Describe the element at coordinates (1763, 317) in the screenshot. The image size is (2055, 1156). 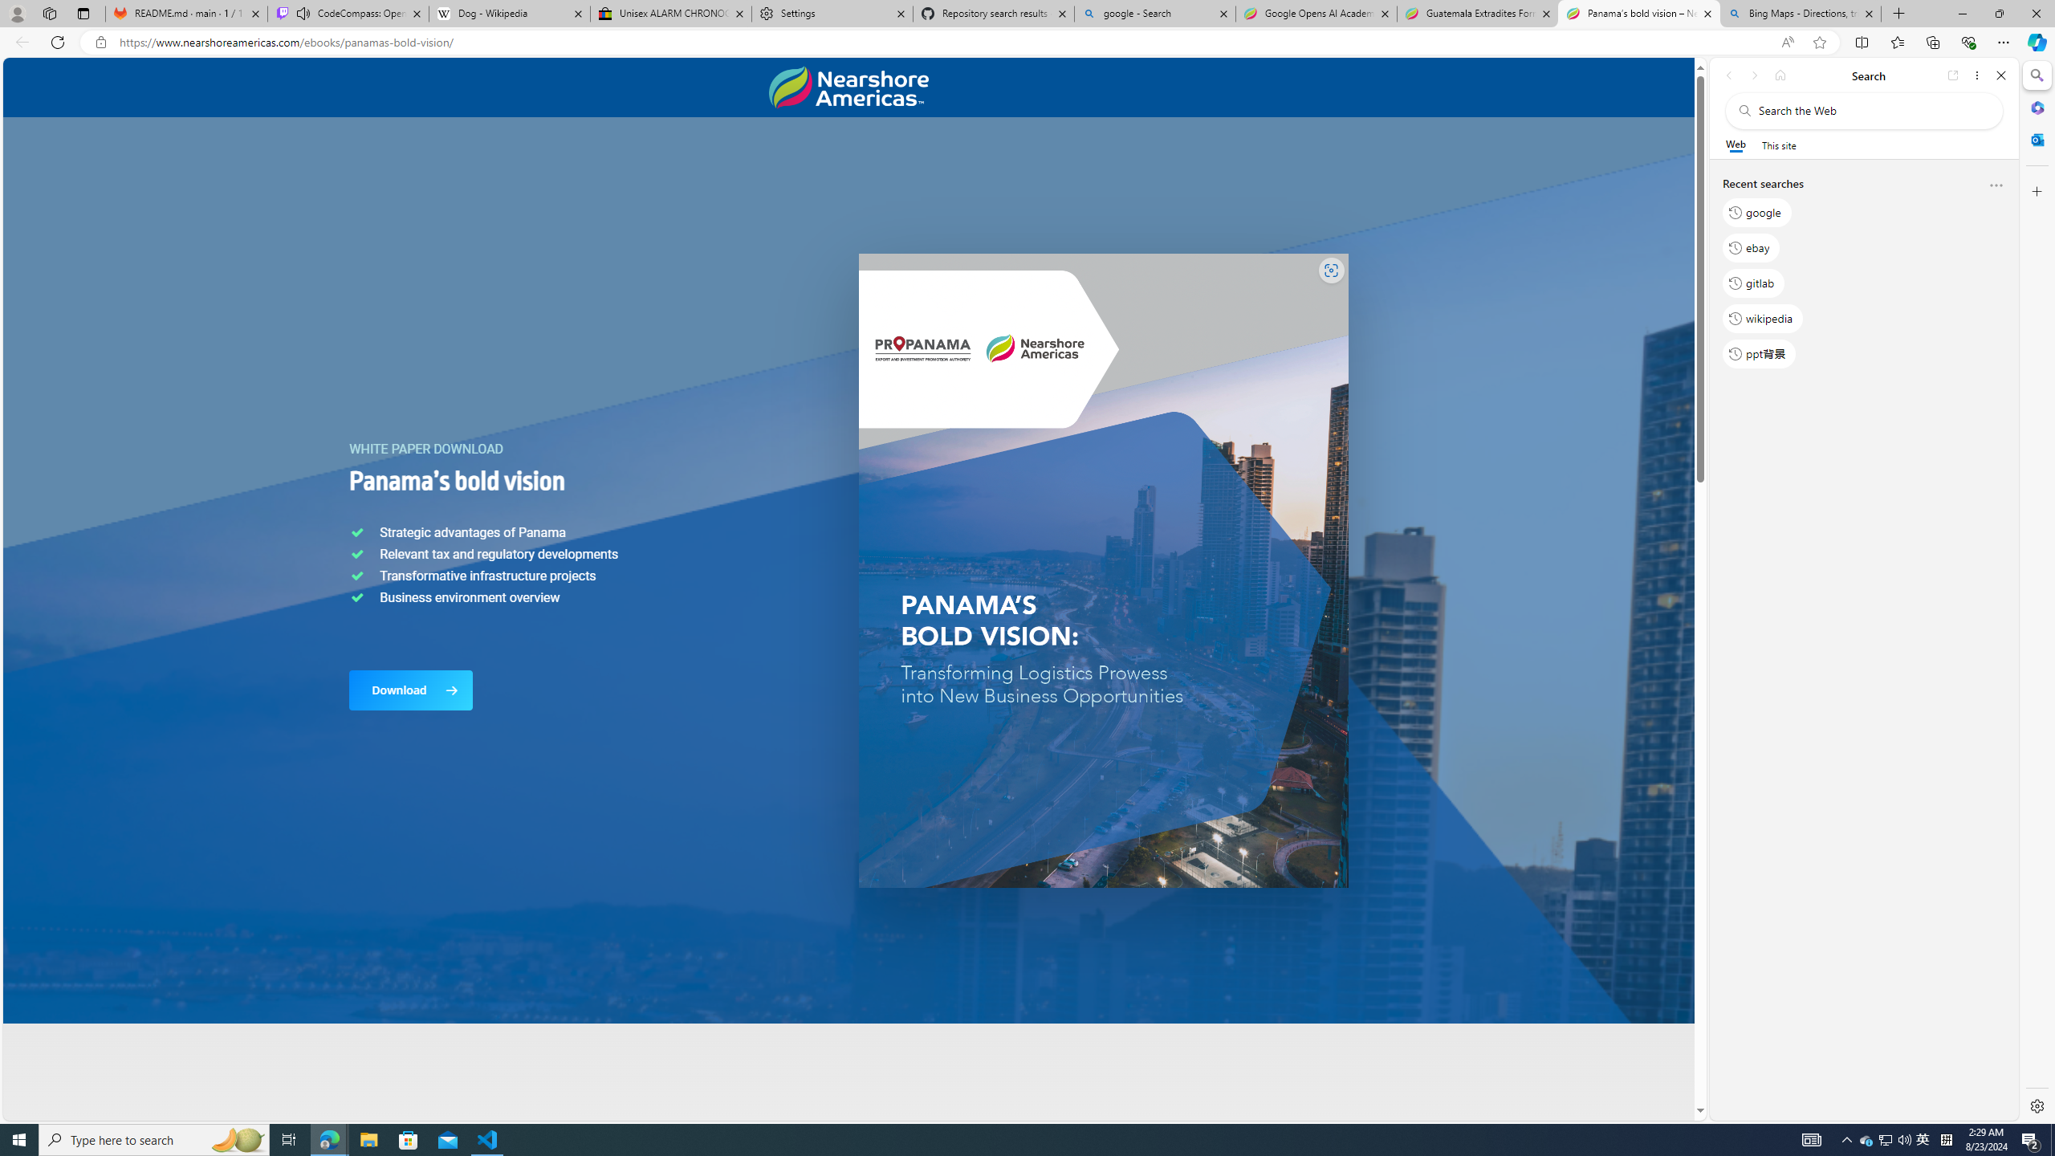
I see `'wikipedia'` at that location.